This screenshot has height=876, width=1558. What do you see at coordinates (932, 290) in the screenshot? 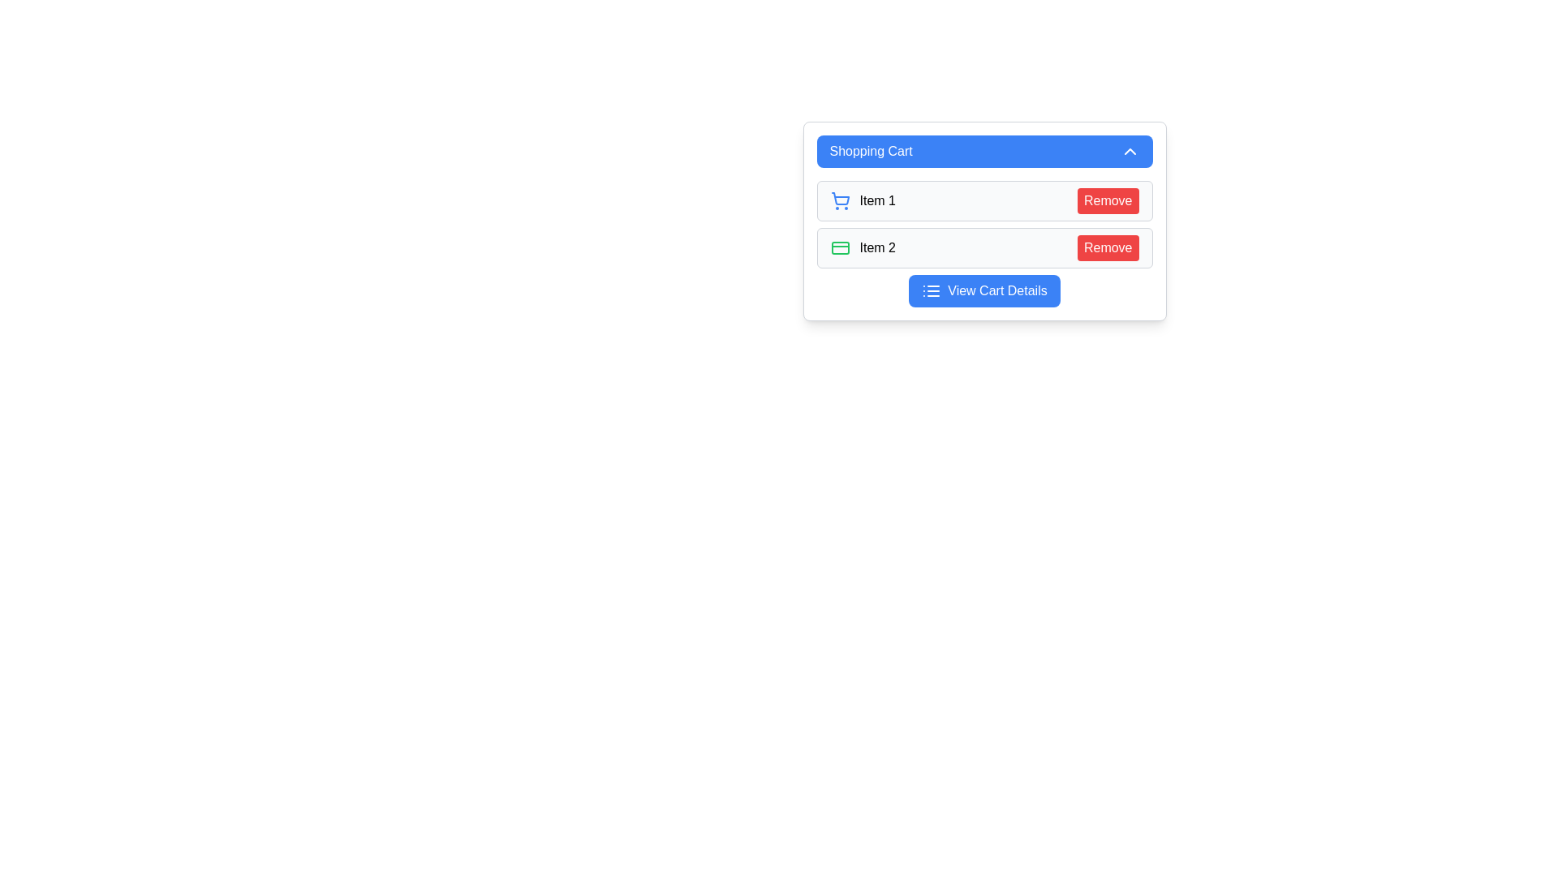
I see `the cart icon located to the left of the 'View Cart Details' button, which visually indicates the functionality of viewing cart details` at bounding box center [932, 290].